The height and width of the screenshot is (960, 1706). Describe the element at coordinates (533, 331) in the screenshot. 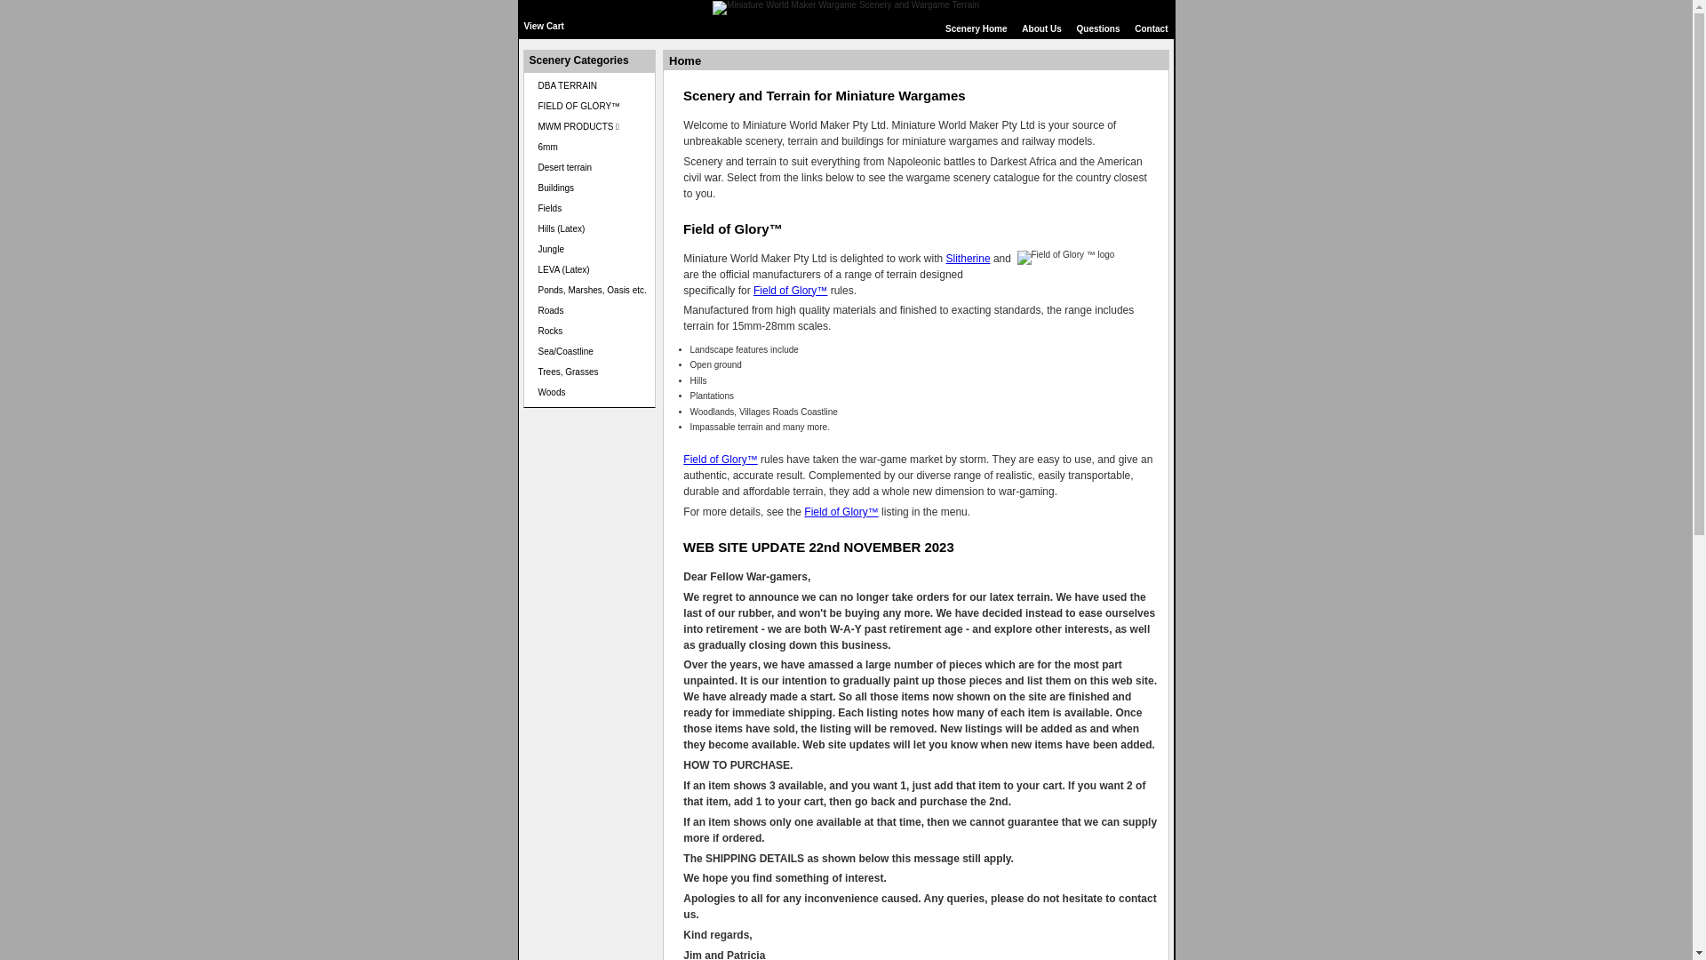

I see `'Rocks'` at that location.